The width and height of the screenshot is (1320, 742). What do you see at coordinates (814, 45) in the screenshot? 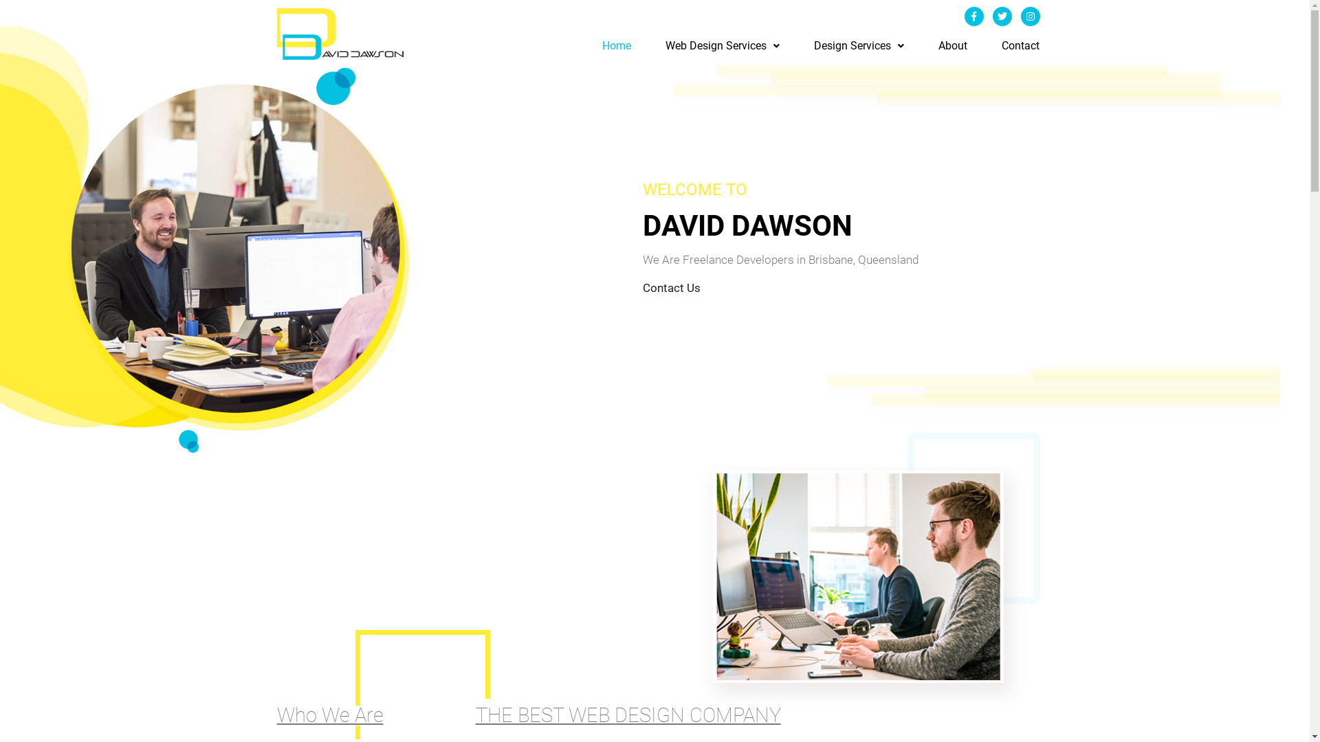
I see `'Design Services'` at bounding box center [814, 45].